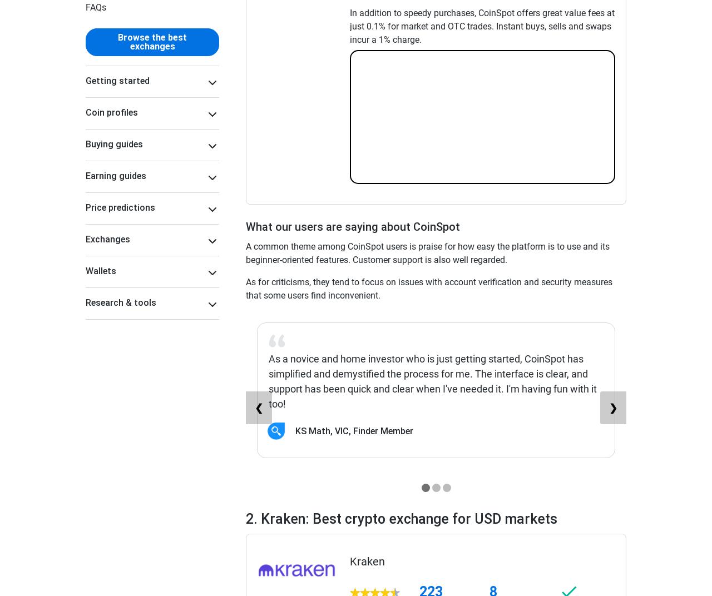 This screenshot has width=712, height=596. I want to click on 'Buying guides', so click(114, 143).